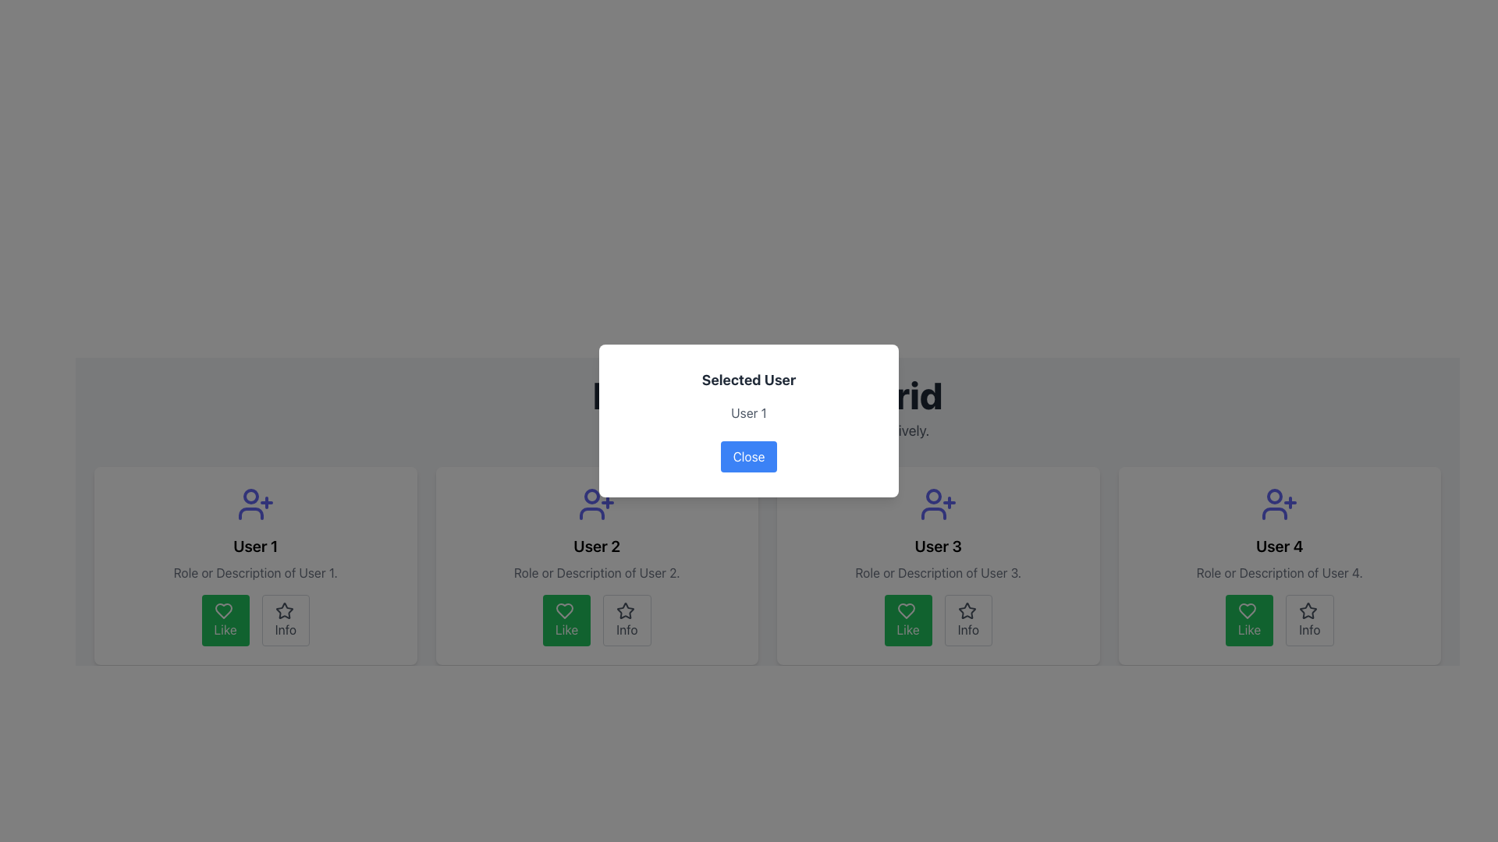 The width and height of the screenshot is (1498, 842). What do you see at coordinates (1280, 573) in the screenshot?
I see `the non-interactive Text Label providing additional details about 'User 4', which is located under the 'User 4' label and above the 'Like' and 'Info' buttons in the fourth user card` at bounding box center [1280, 573].